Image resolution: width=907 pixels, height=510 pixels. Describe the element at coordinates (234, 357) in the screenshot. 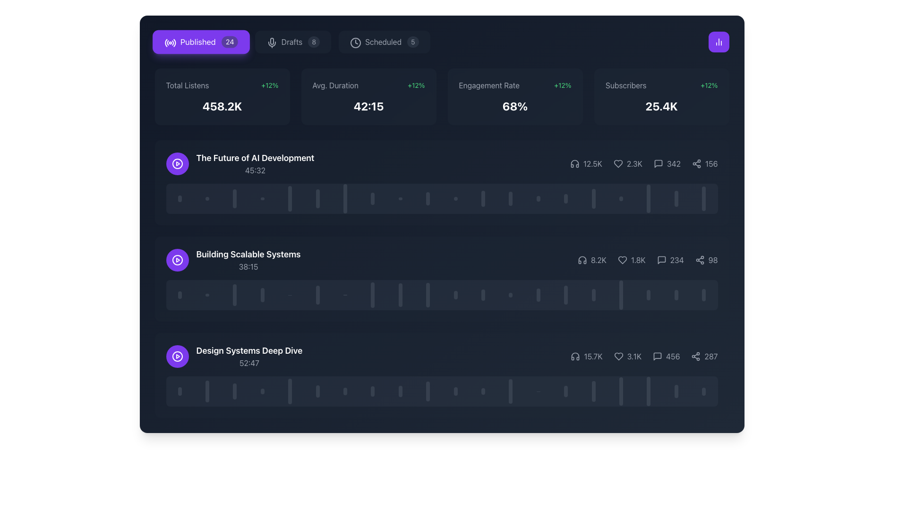

I see `the purple circular play icon of the Podcast entry titled 'Design Systems Deep Dive' to play the podcast` at that location.